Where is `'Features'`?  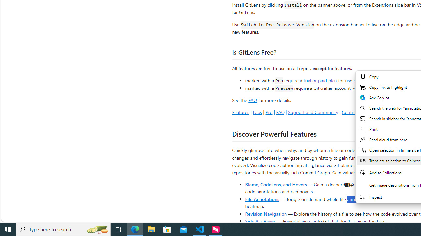 'Features' is located at coordinates (240, 112).